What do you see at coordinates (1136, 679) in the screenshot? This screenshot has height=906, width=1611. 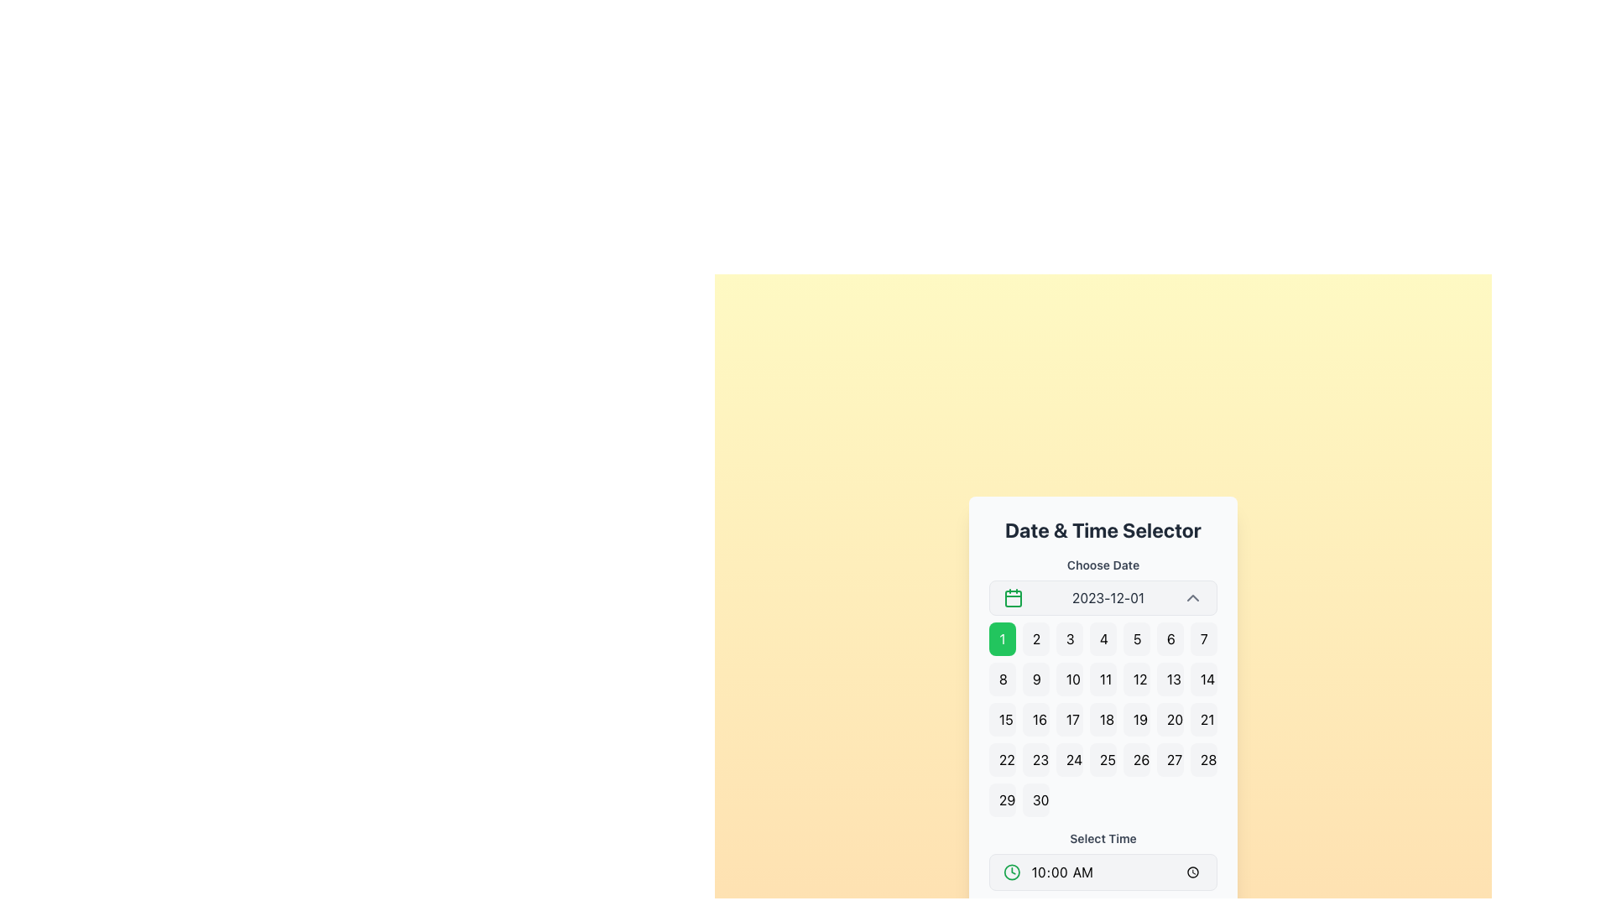 I see `the selectable date button for '12' in the calendar interface` at bounding box center [1136, 679].